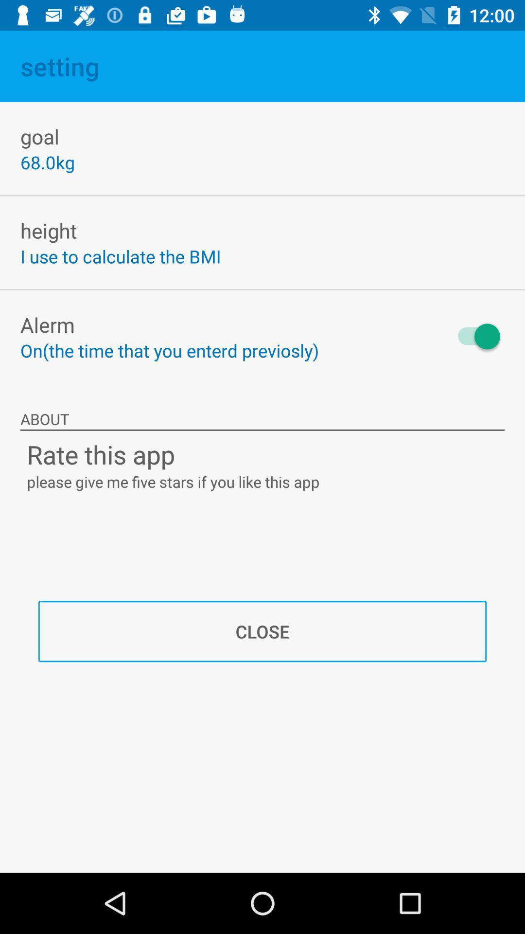 This screenshot has width=525, height=934. What do you see at coordinates (262, 631) in the screenshot?
I see `the item below please give me` at bounding box center [262, 631].